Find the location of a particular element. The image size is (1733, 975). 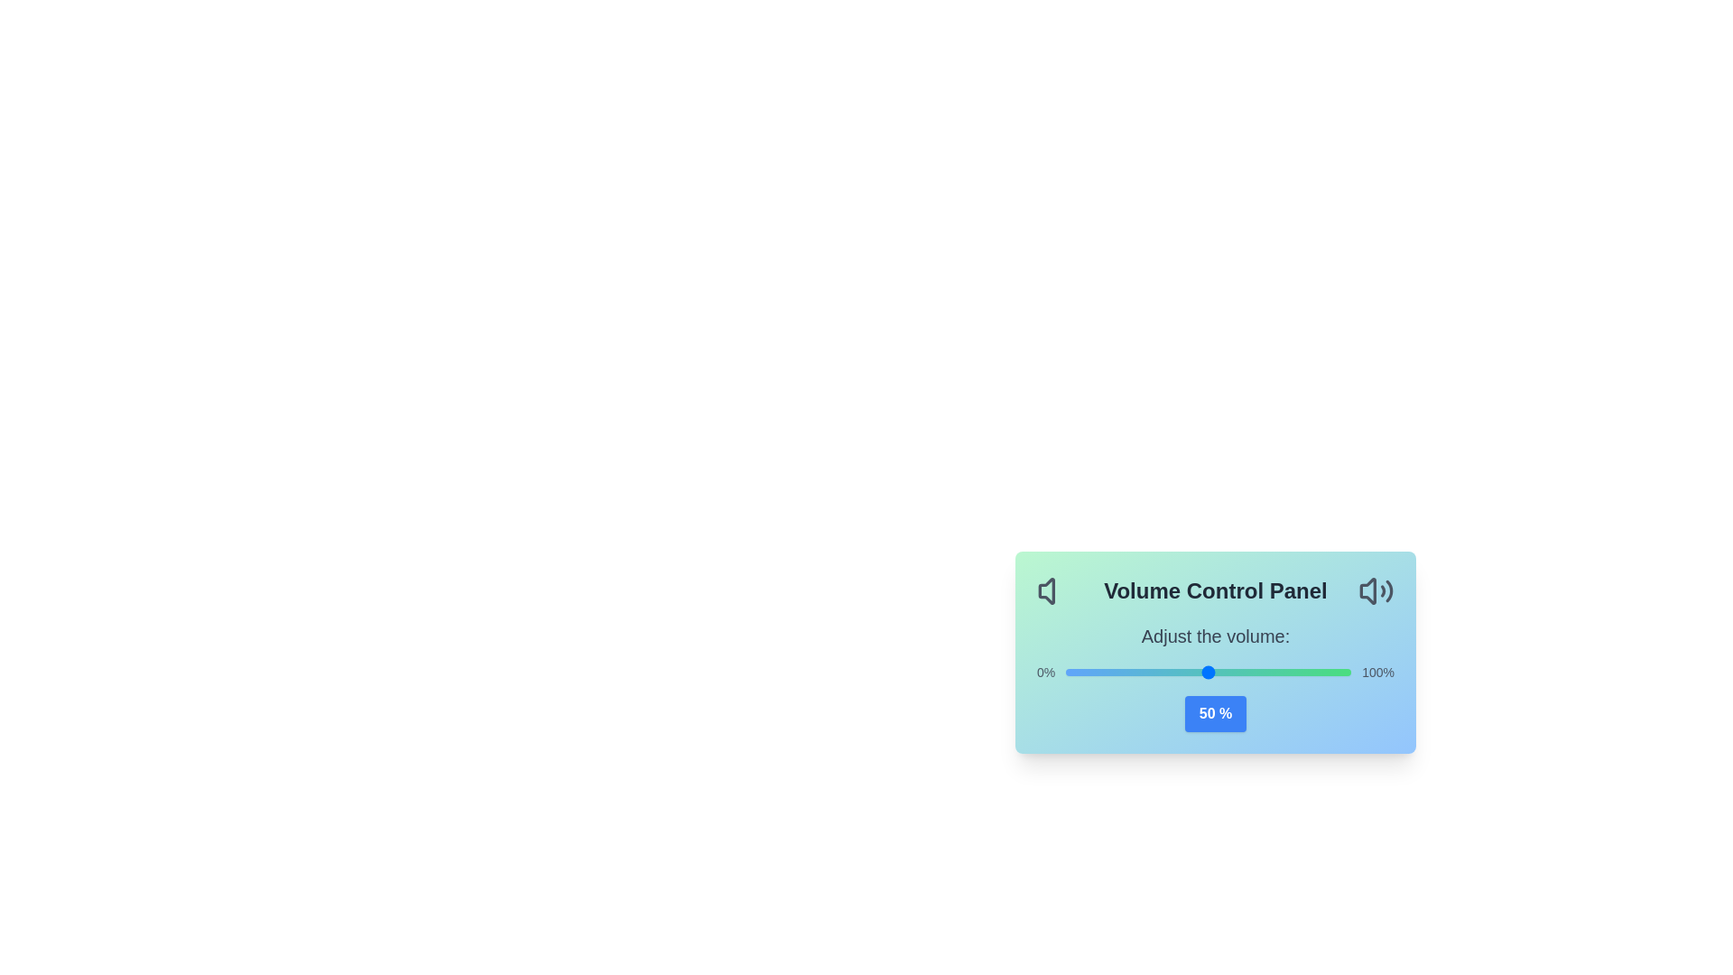

the left icon to reveal its tooltip is located at coordinates (1055, 591).